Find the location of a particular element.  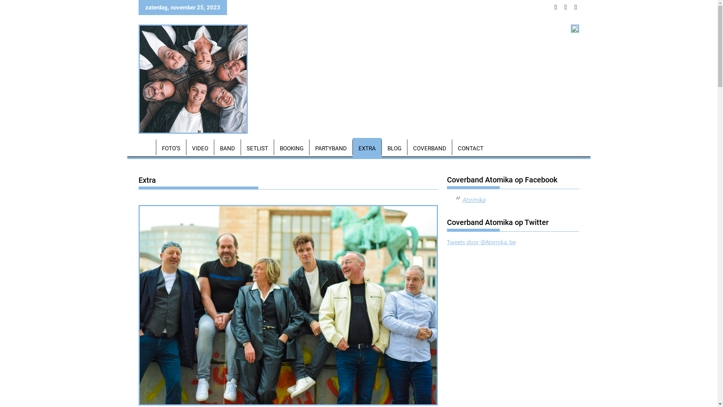

'CONTACT' is located at coordinates (470, 148).